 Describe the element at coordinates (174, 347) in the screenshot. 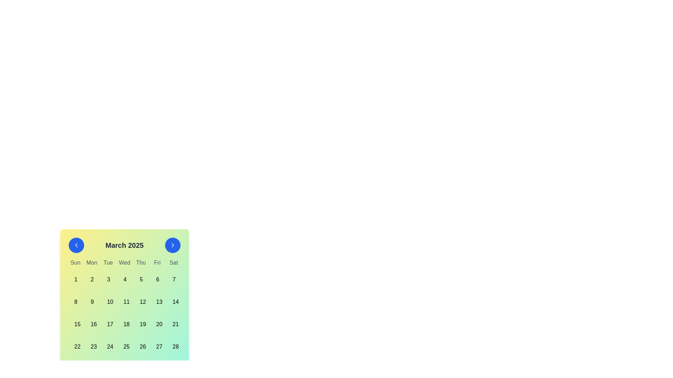

I see `the rectangular button with rounded corners that displays the number '28' in bold black font, located in the 7th column of the calendar grid` at that location.